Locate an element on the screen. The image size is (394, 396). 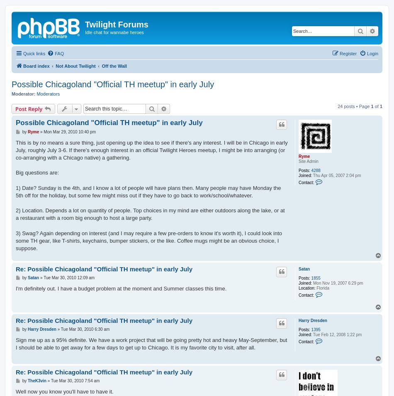
'Moderators' is located at coordinates (48, 93).